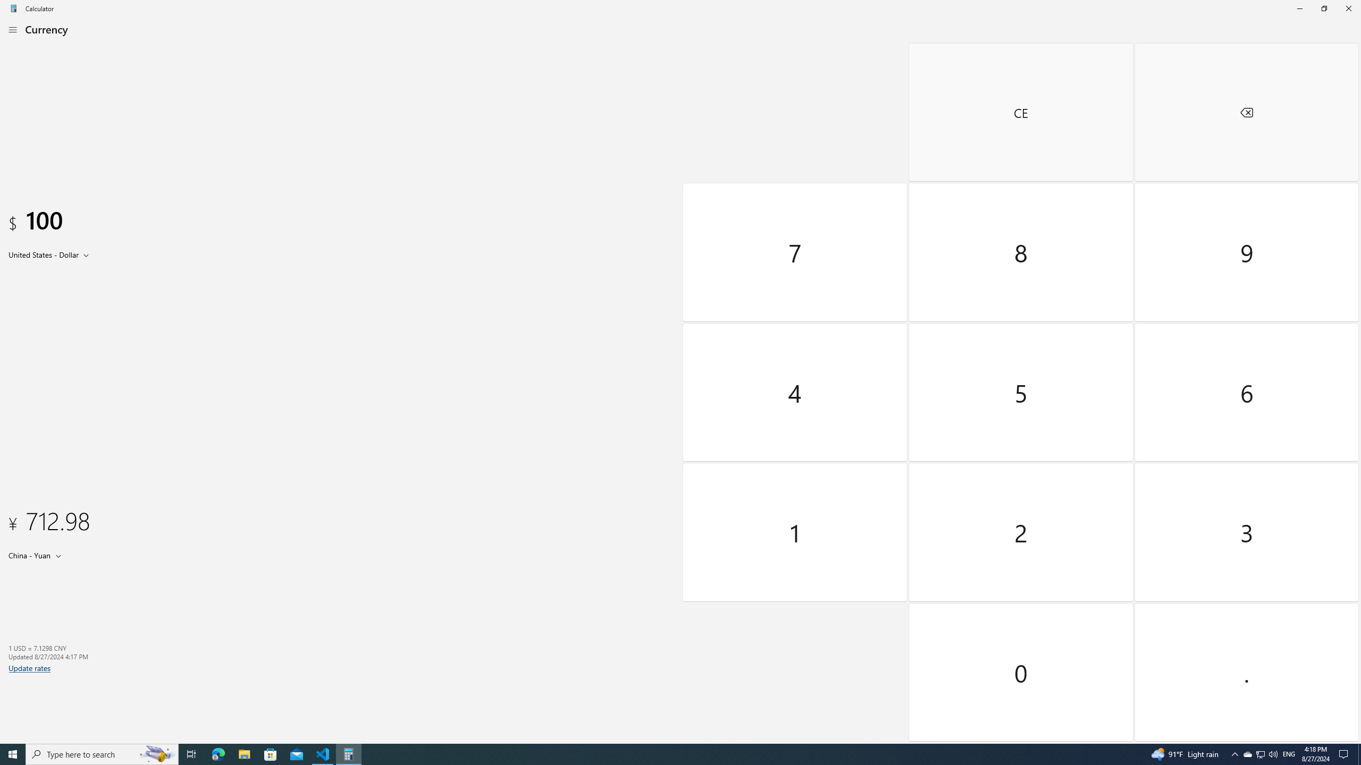 Image resolution: width=1361 pixels, height=765 pixels. Describe the element at coordinates (795, 391) in the screenshot. I see `'Four'` at that location.